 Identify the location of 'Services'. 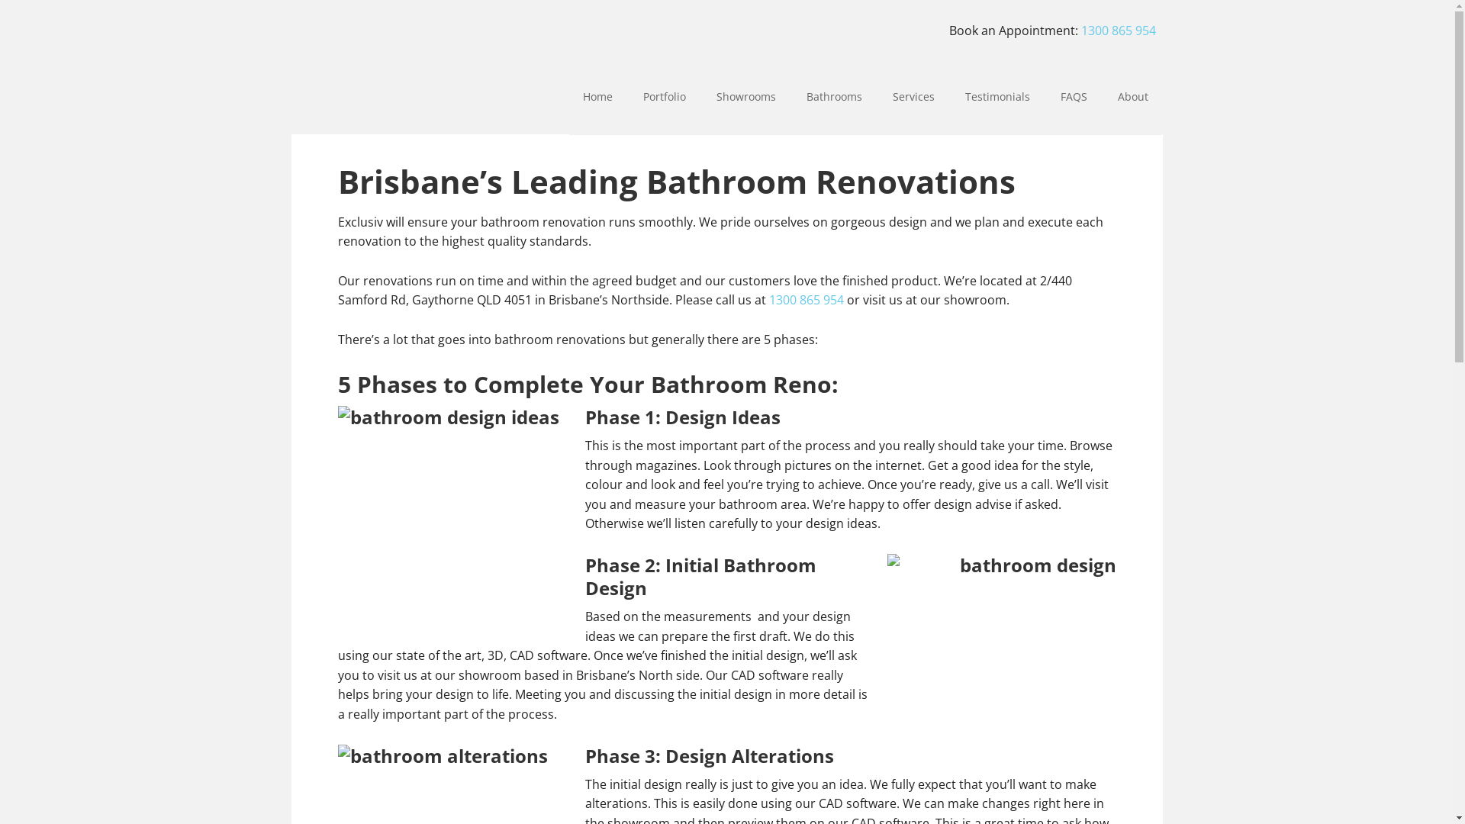
(913, 97).